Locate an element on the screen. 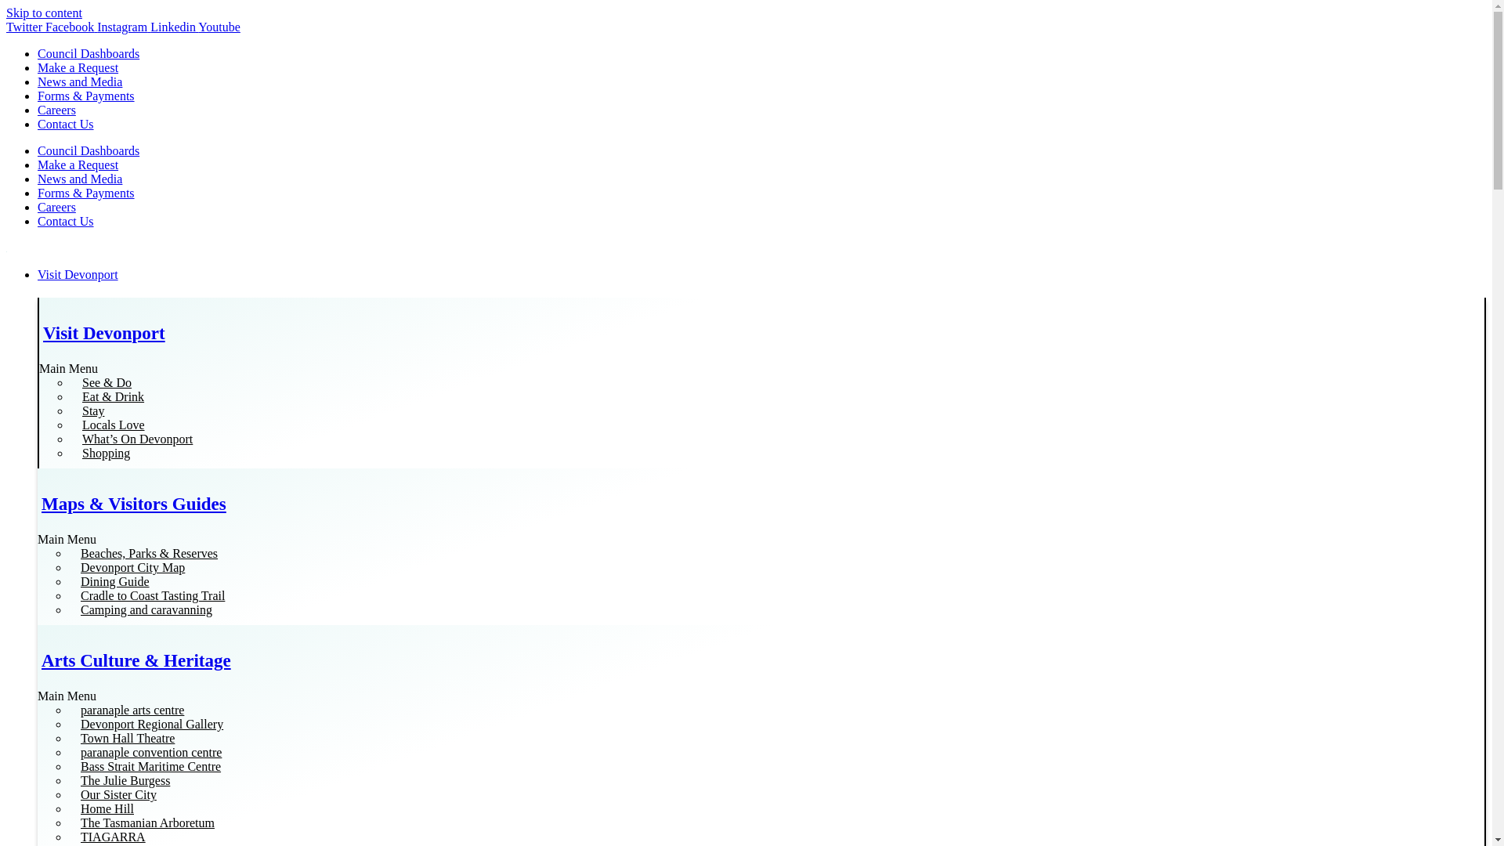 This screenshot has height=846, width=1504. 'Bass Strait Maritime Centre' is located at coordinates (150, 765).